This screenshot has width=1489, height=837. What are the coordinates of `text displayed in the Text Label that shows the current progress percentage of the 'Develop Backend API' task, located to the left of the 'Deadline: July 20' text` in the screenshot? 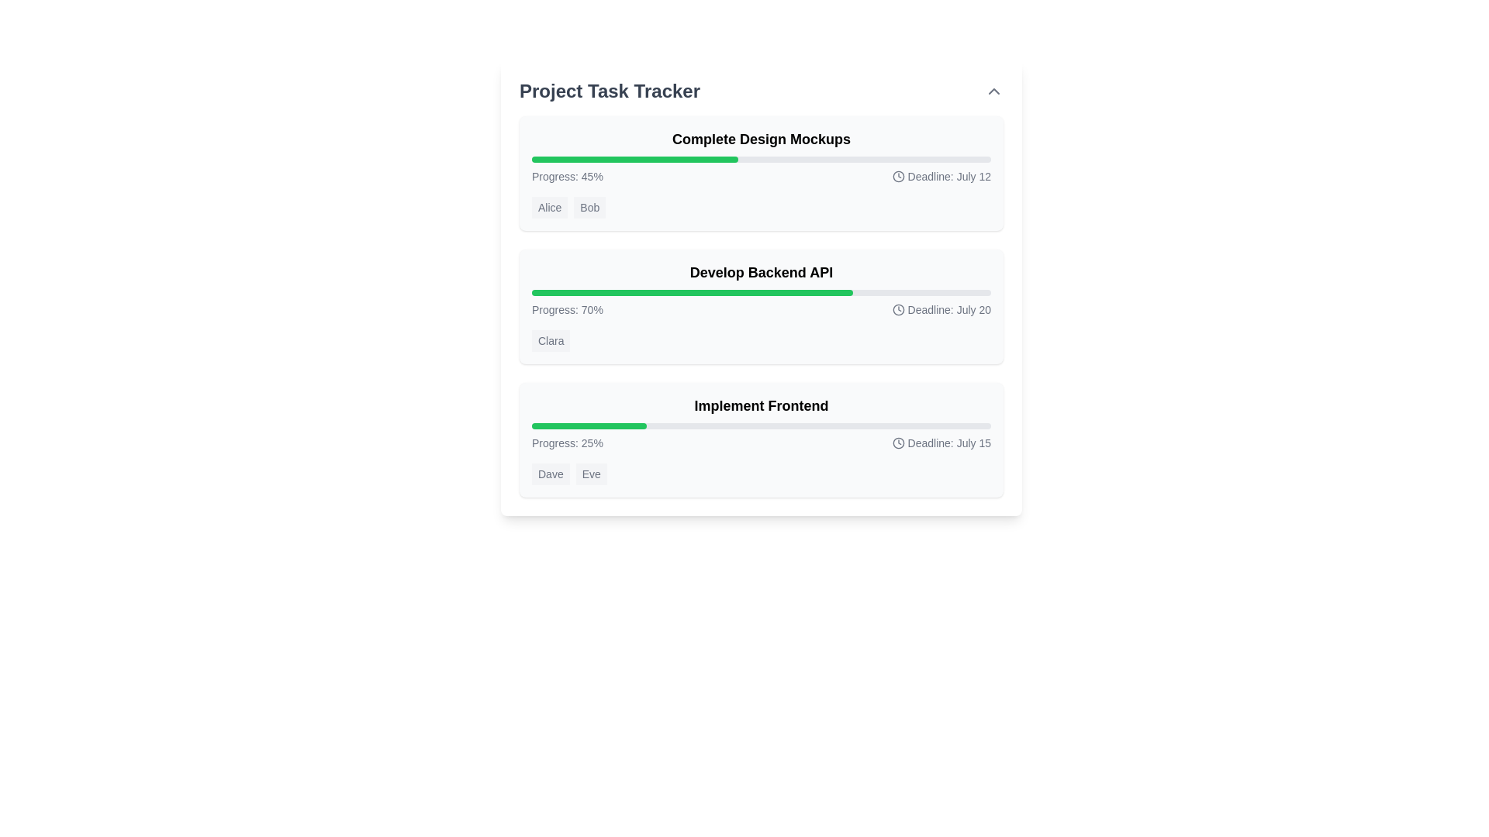 It's located at (566, 310).